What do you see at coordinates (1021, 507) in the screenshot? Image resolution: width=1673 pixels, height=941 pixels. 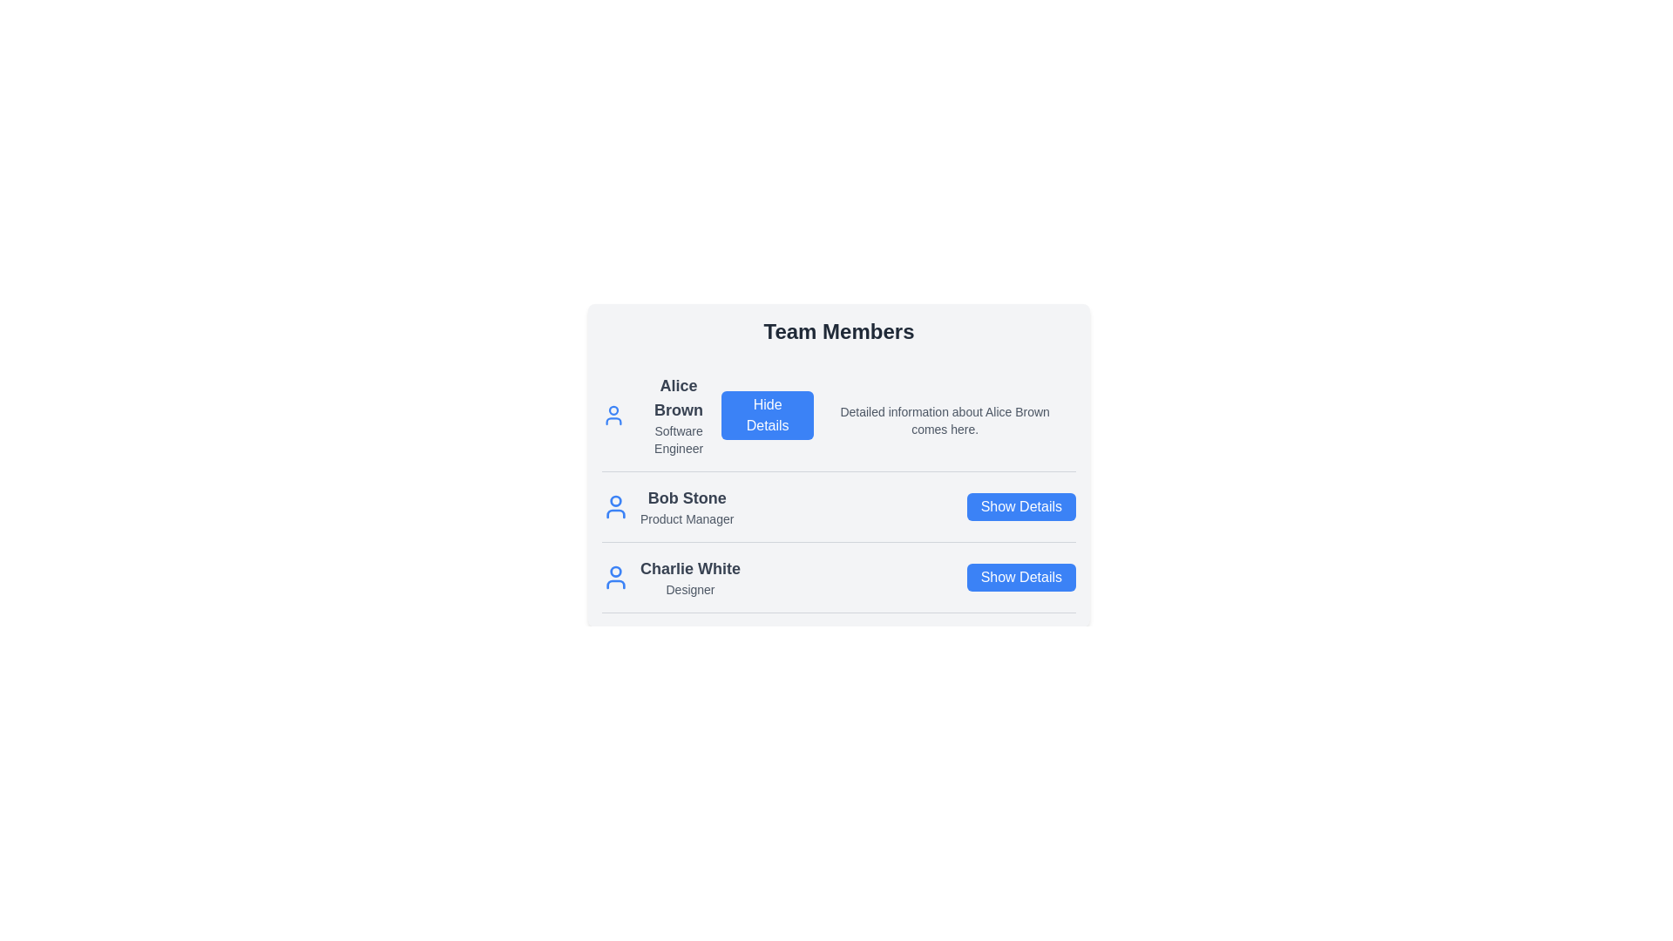 I see `'Show Details' button for the profile with the name Bob Stone` at bounding box center [1021, 507].